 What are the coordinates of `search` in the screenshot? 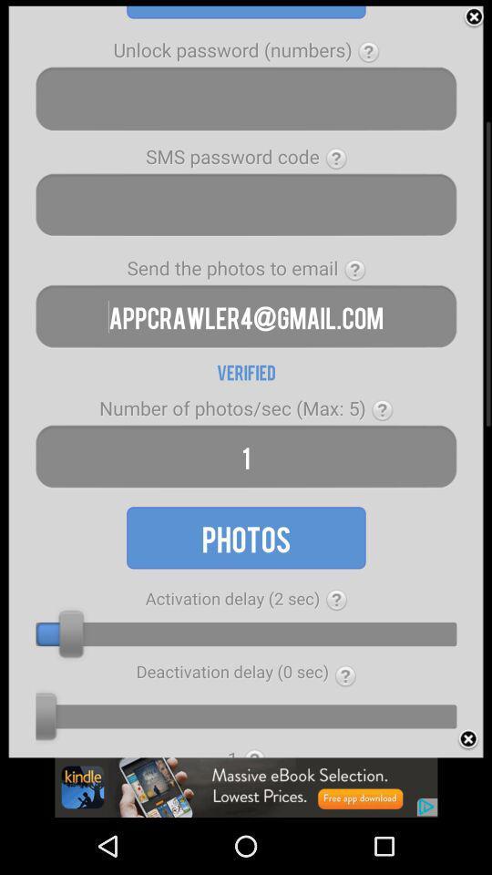 It's located at (246, 205).